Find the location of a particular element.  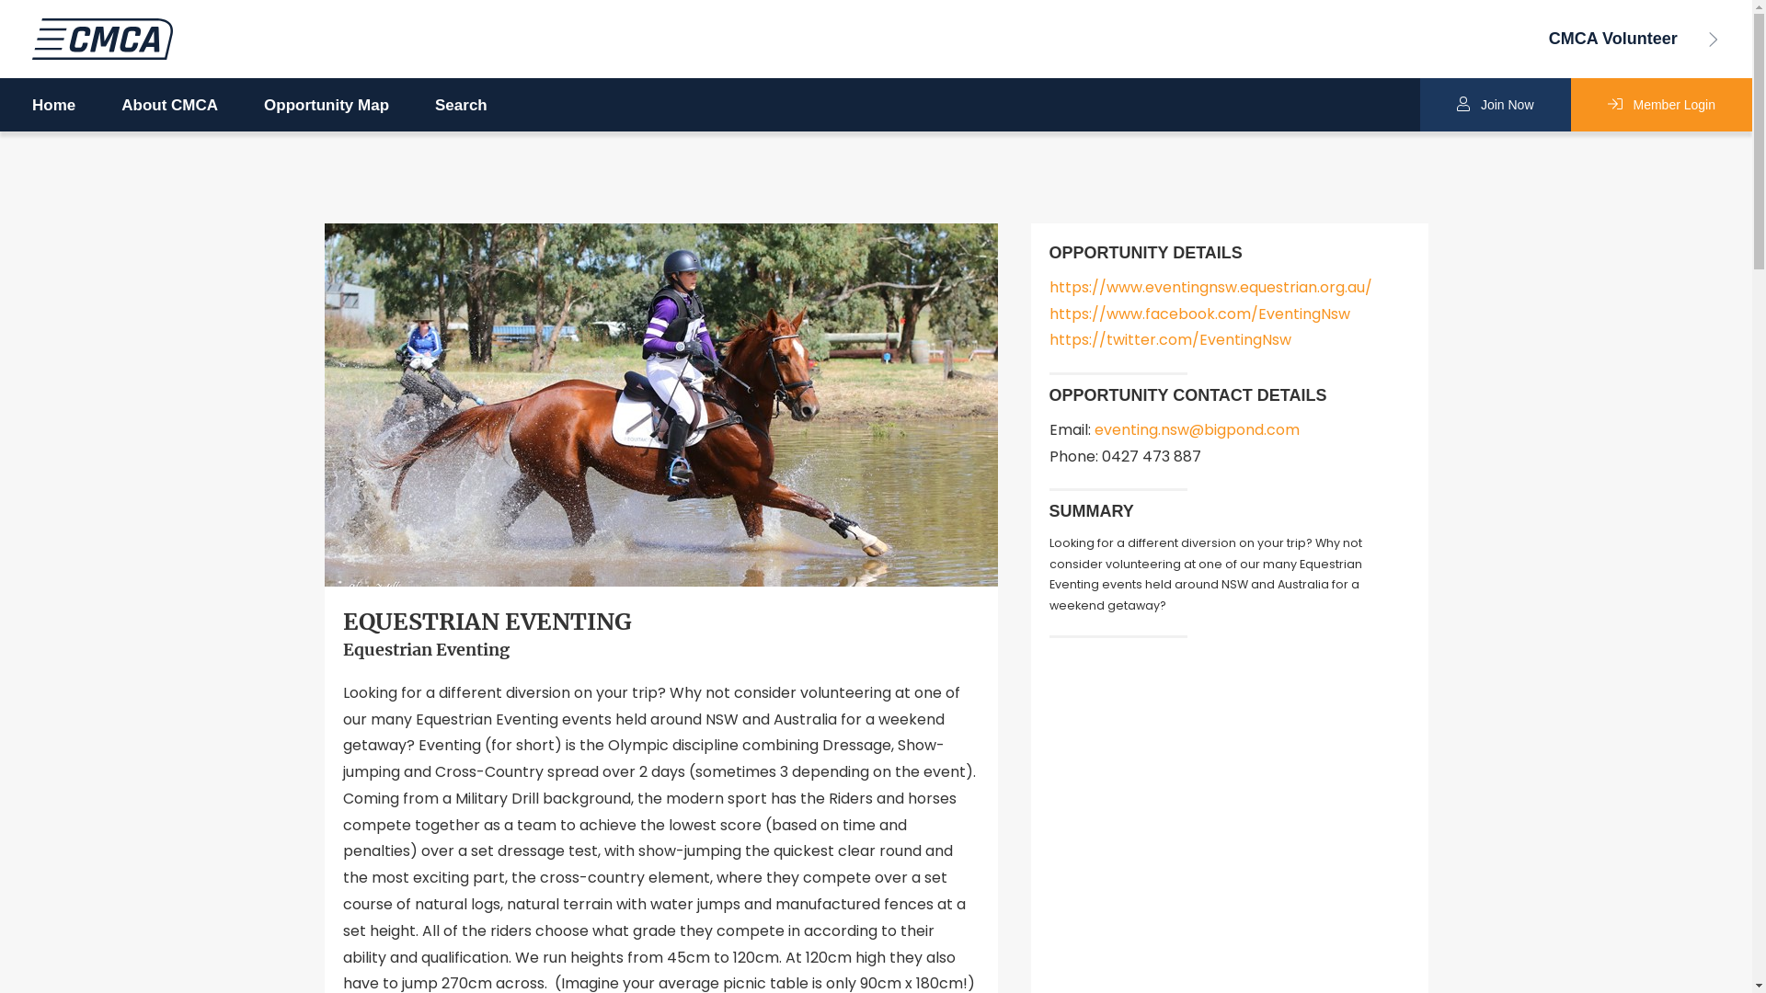

'https://www.eventingnsw.equestrian.org.au/' is located at coordinates (1210, 287).